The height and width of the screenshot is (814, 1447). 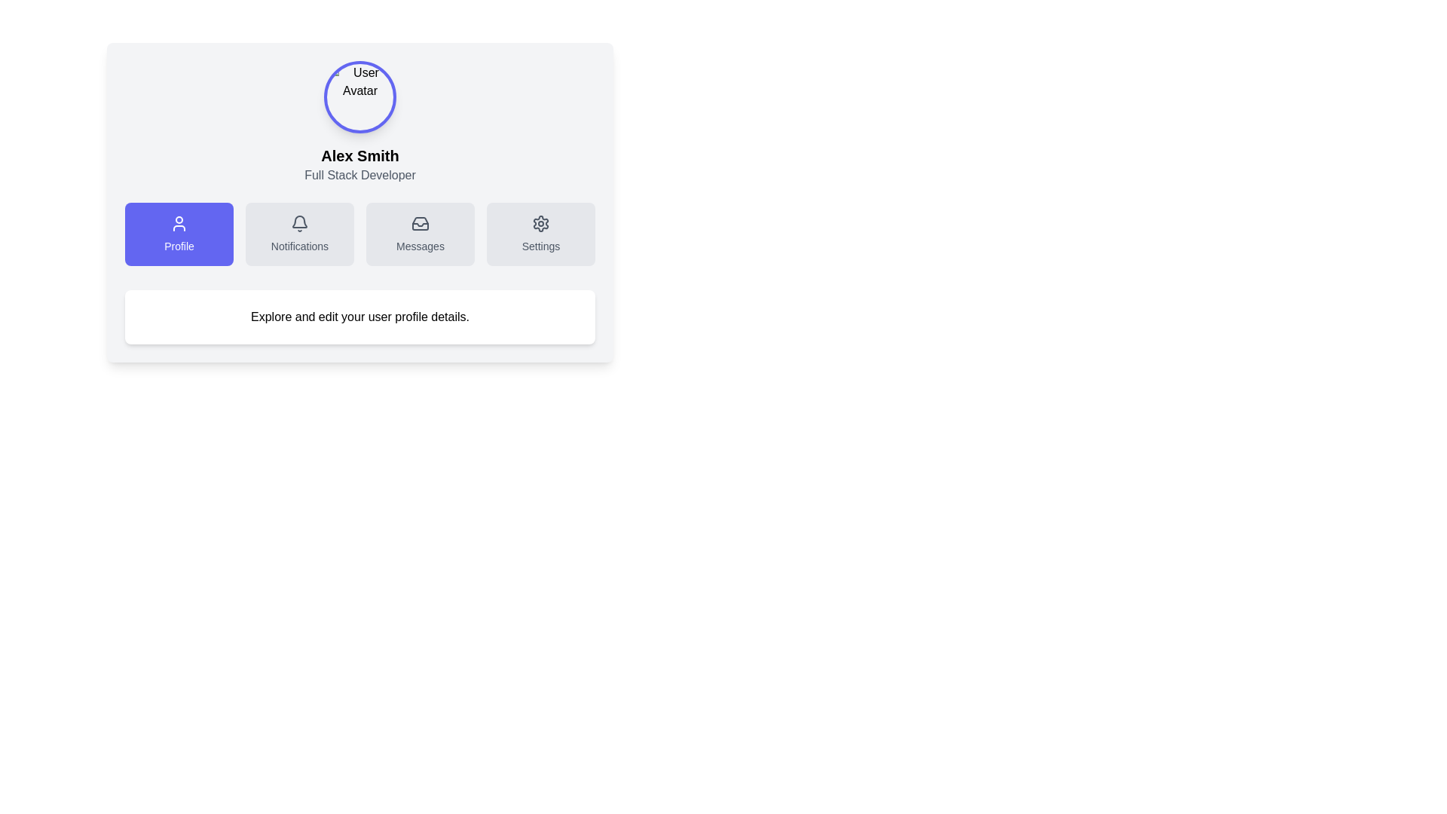 I want to click on the person icon, which is a white stroke SVG graphic with a transparent fill, located within the 'Profile' button in the top-left quadrant of the navigation menu, so click(x=179, y=224).